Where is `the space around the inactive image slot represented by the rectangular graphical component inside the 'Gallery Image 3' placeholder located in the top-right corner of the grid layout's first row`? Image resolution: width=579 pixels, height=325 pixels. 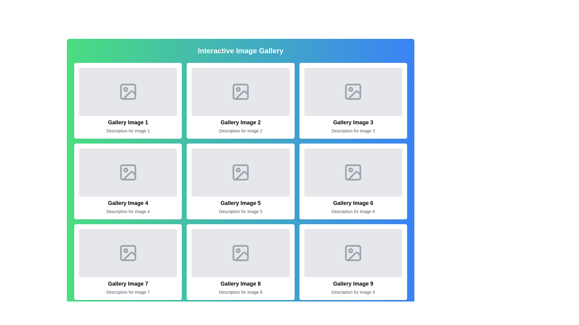
the space around the inactive image slot represented by the rectangular graphical component inside the 'Gallery Image 3' placeholder located in the top-right corner of the grid layout's first row is located at coordinates (353, 91).